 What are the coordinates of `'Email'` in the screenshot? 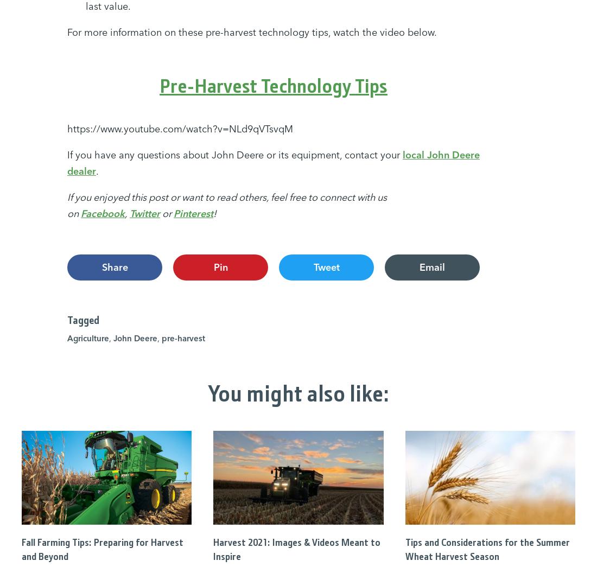 It's located at (432, 266).